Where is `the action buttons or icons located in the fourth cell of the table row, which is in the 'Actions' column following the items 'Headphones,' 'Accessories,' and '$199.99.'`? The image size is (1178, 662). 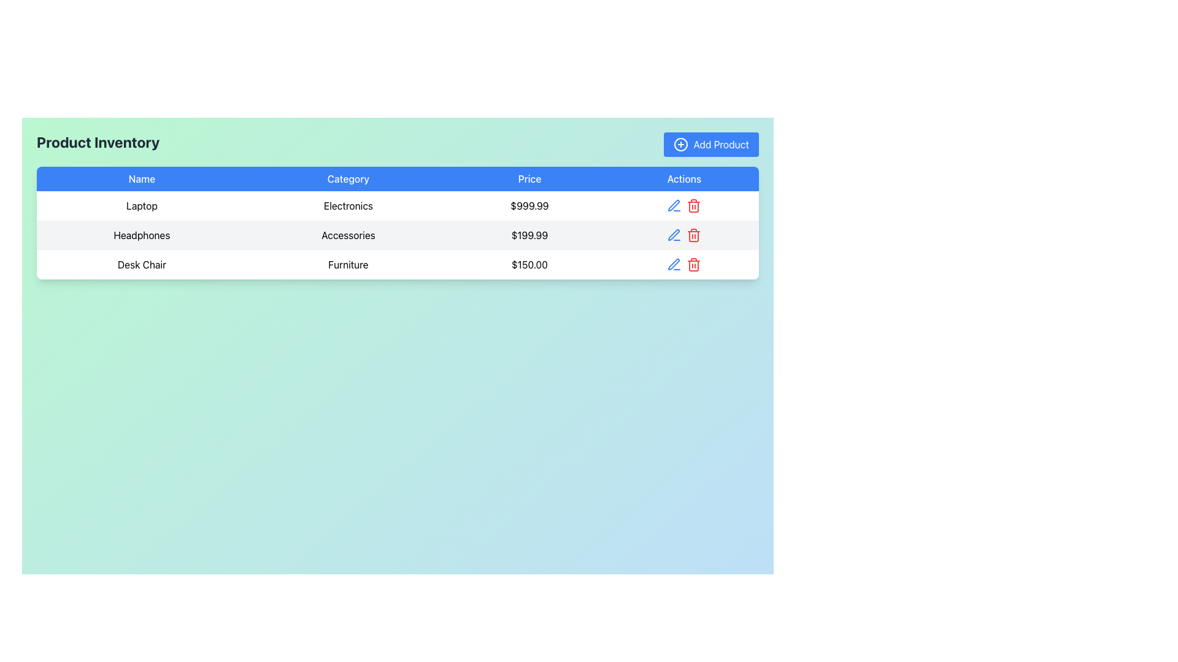
the action buttons or icons located in the fourth cell of the table row, which is in the 'Actions' column following the items 'Headphones,' 'Accessories,' and '$199.99.' is located at coordinates (683, 235).